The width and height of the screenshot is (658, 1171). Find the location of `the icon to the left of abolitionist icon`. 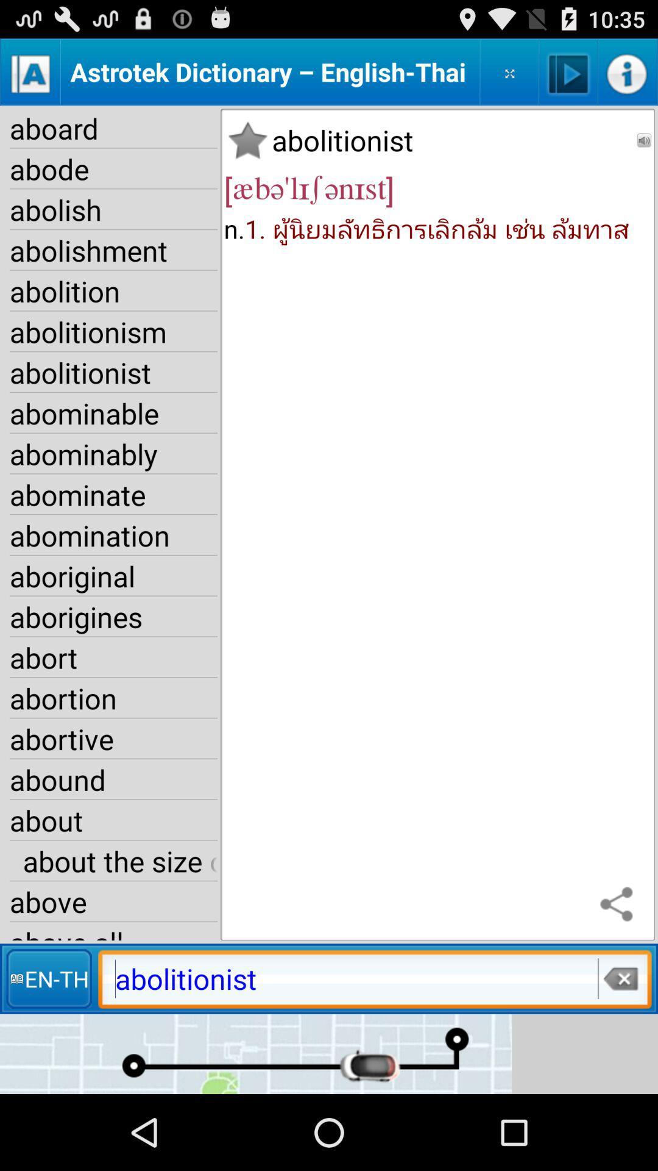

the icon to the left of abolitionist icon is located at coordinates (48, 978).